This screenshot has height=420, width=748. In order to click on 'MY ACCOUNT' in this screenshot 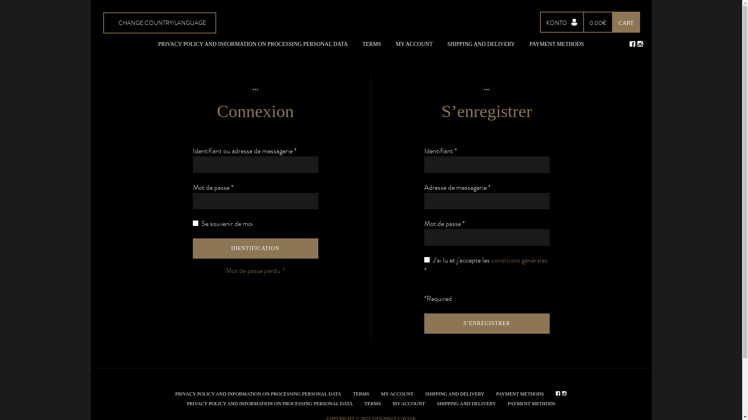, I will do `click(408, 403)`.